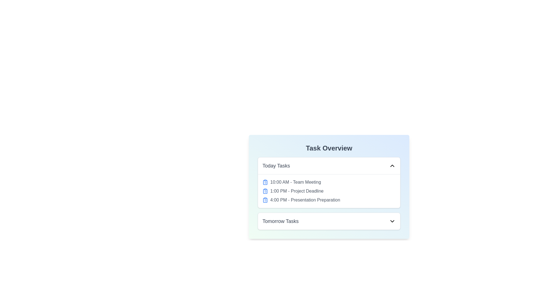 The image size is (535, 301). Describe the element at coordinates (265, 182) in the screenshot. I see `the icon associated with the task '10:00 AM - Team Meeting'` at that location.